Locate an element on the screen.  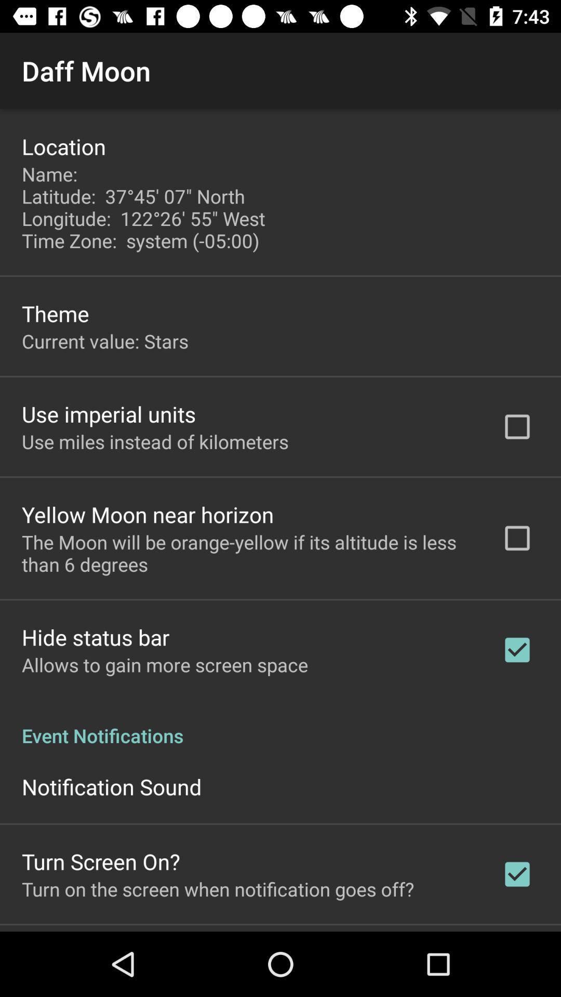
the theme is located at coordinates (55, 313).